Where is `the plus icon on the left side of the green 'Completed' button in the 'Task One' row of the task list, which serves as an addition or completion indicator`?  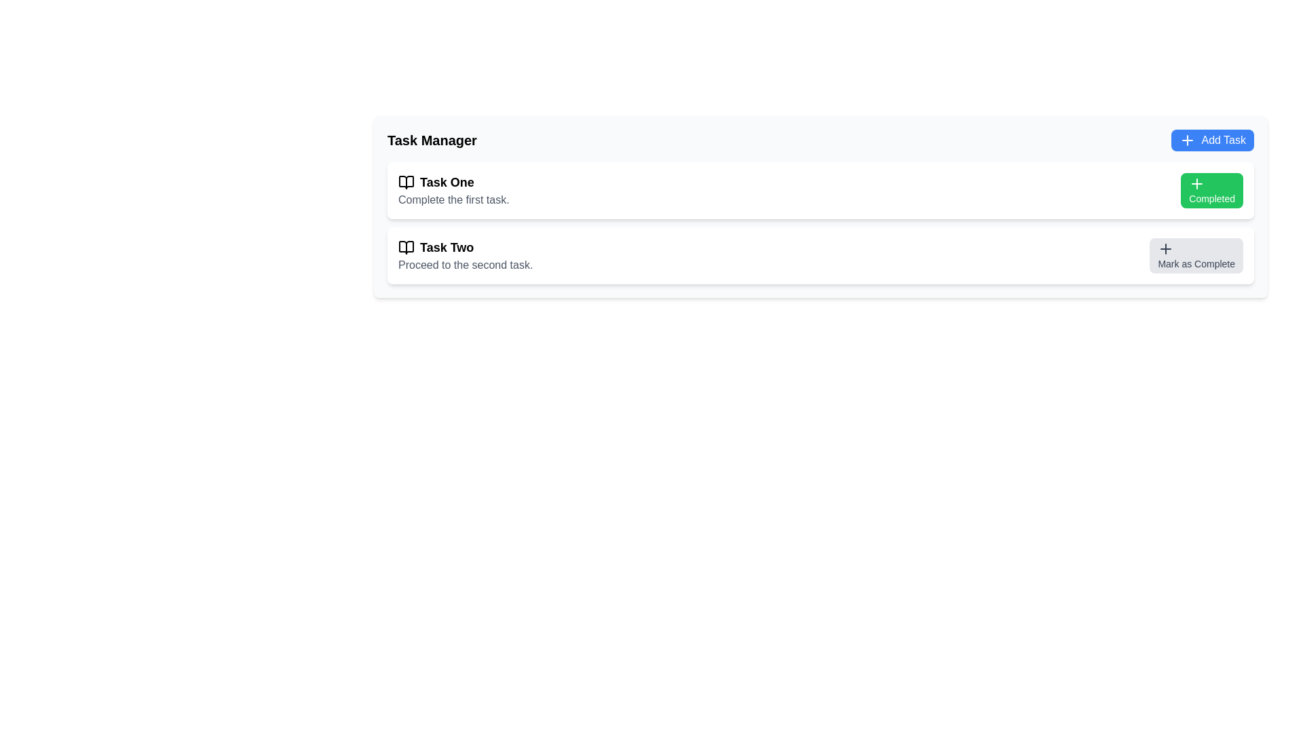
the plus icon on the left side of the green 'Completed' button in the 'Task One' row of the task list, which serves as an addition or completion indicator is located at coordinates (1197, 183).